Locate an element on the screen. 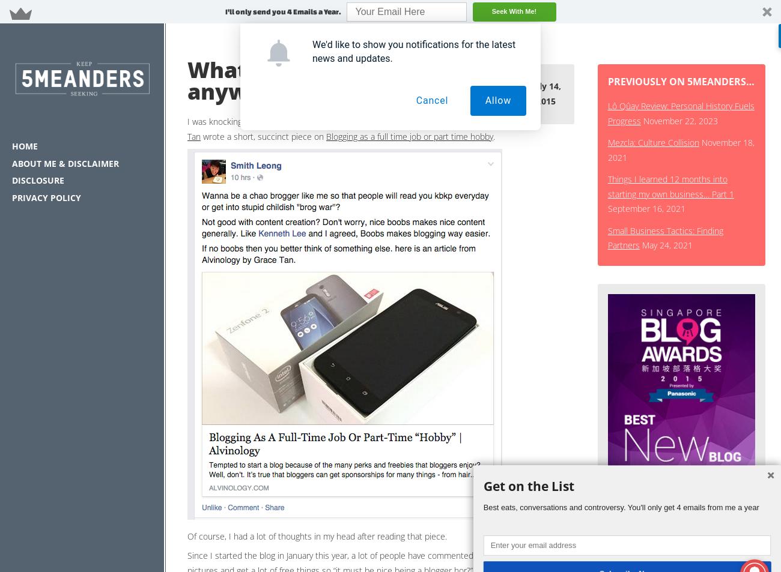 The image size is (781, 572). 'shared. Blogger' is located at coordinates (456, 121).